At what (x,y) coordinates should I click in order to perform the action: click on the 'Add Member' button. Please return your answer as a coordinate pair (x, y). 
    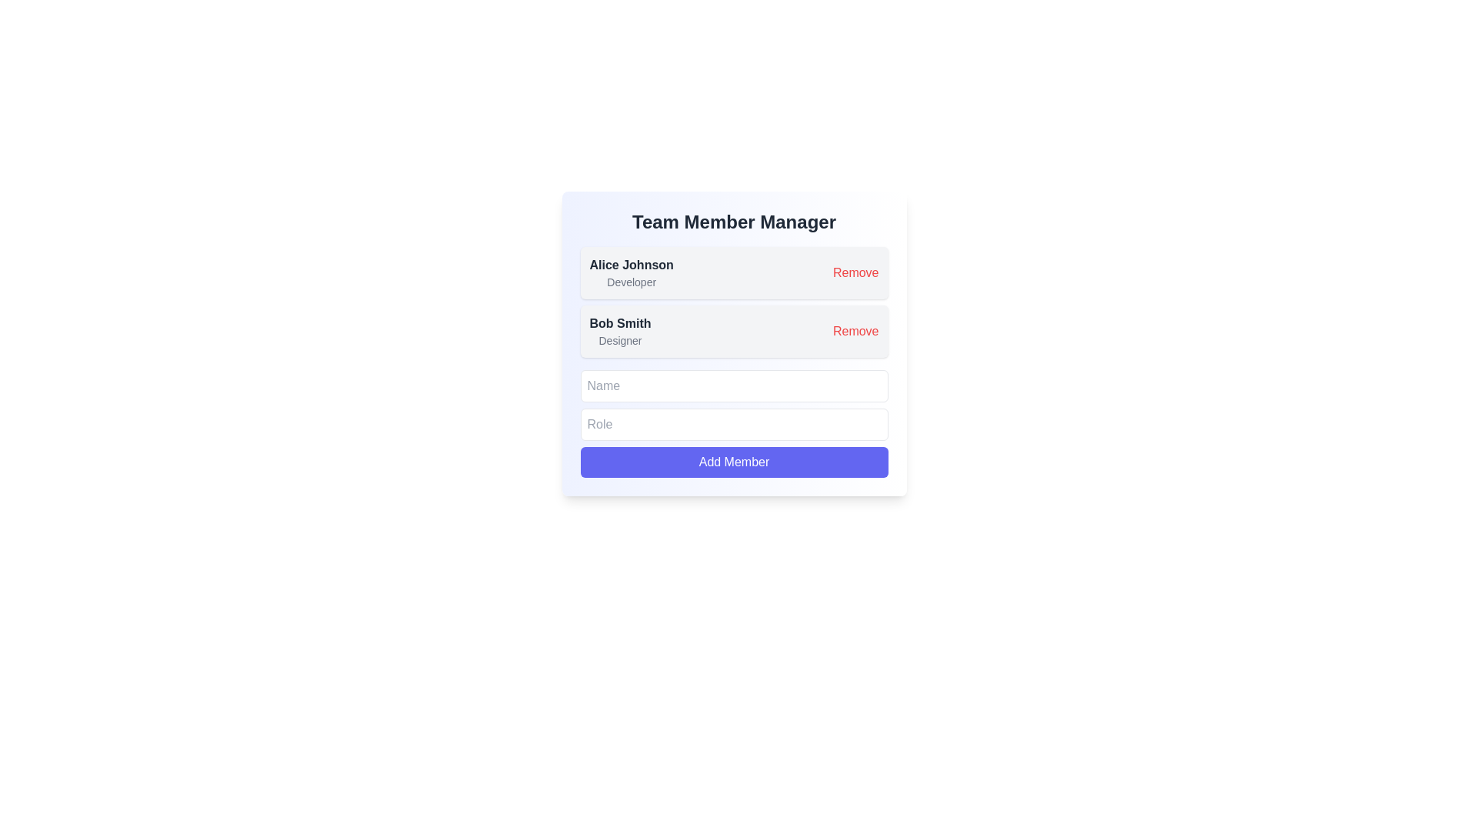
    Looking at the image, I should click on (733, 462).